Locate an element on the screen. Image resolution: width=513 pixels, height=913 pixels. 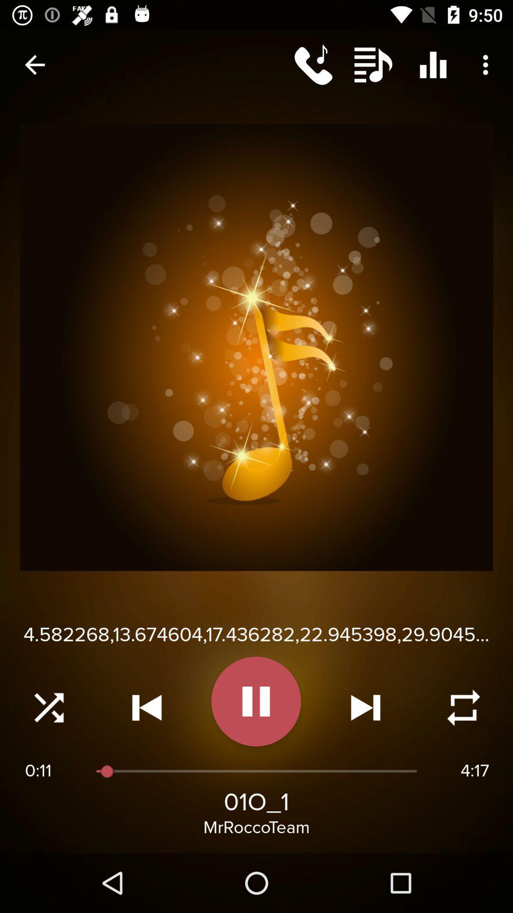
repeat song is located at coordinates (463, 708).